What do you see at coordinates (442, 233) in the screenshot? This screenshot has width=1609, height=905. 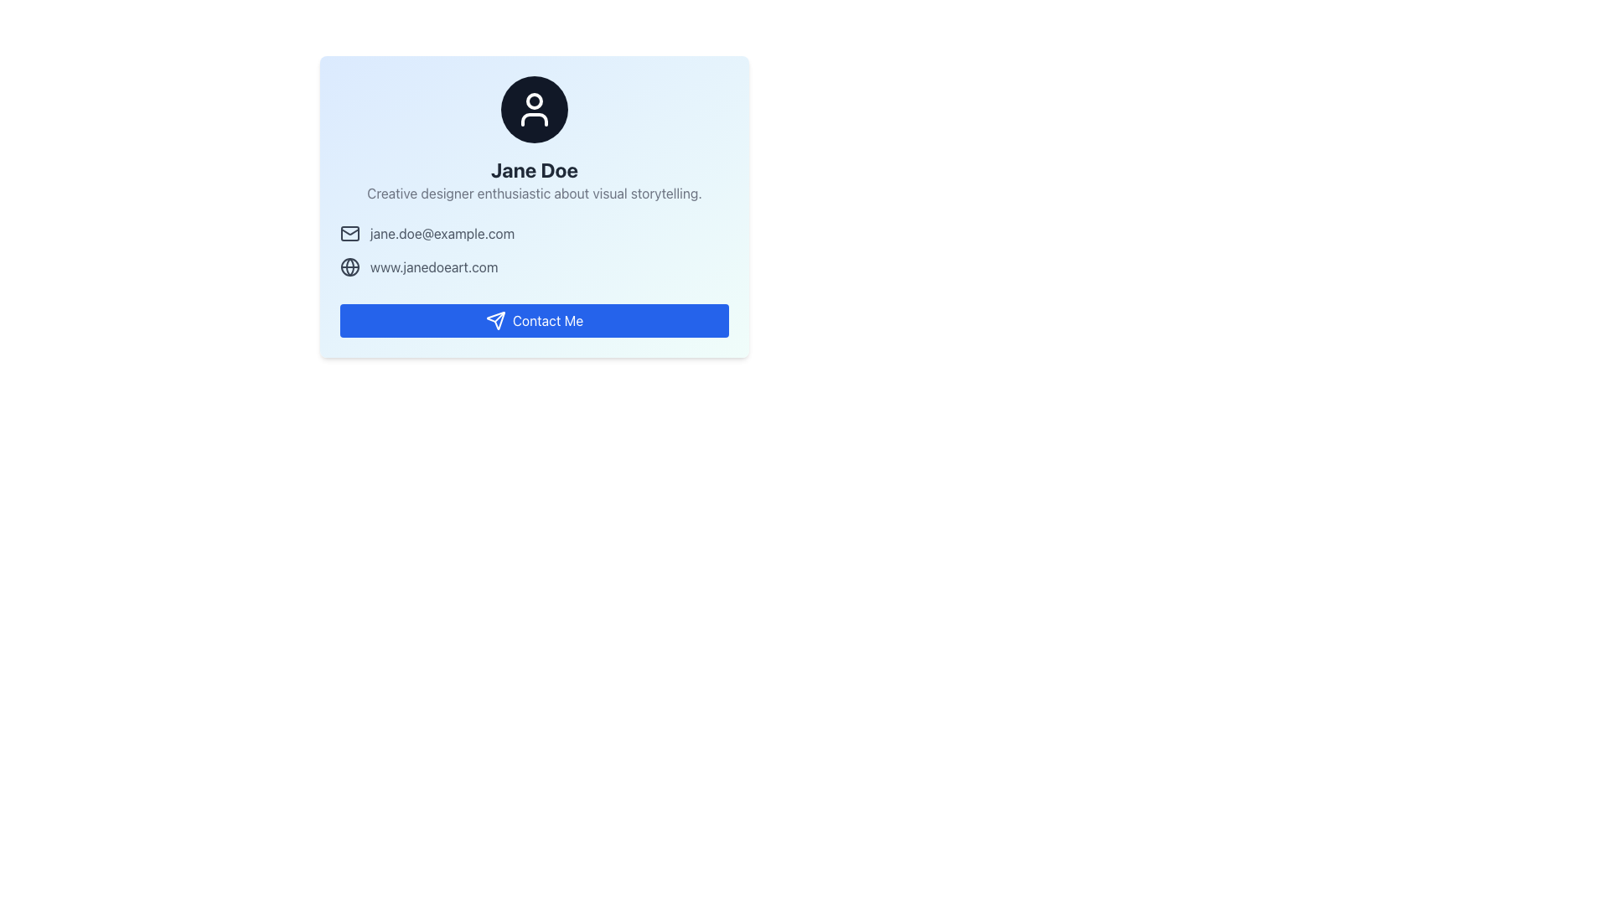 I see `the email address text display that shows the user's profile email, located below the user's name and profile description, and positioned as the second element in the group with the email icon` at bounding box center [442, 233].